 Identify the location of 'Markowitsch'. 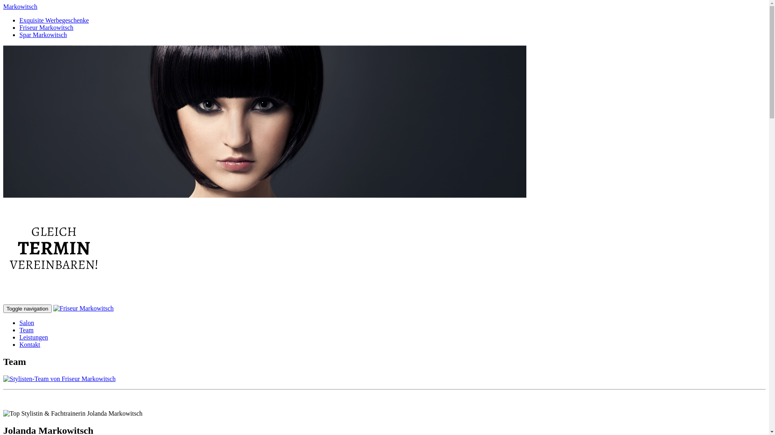
(20, 6).